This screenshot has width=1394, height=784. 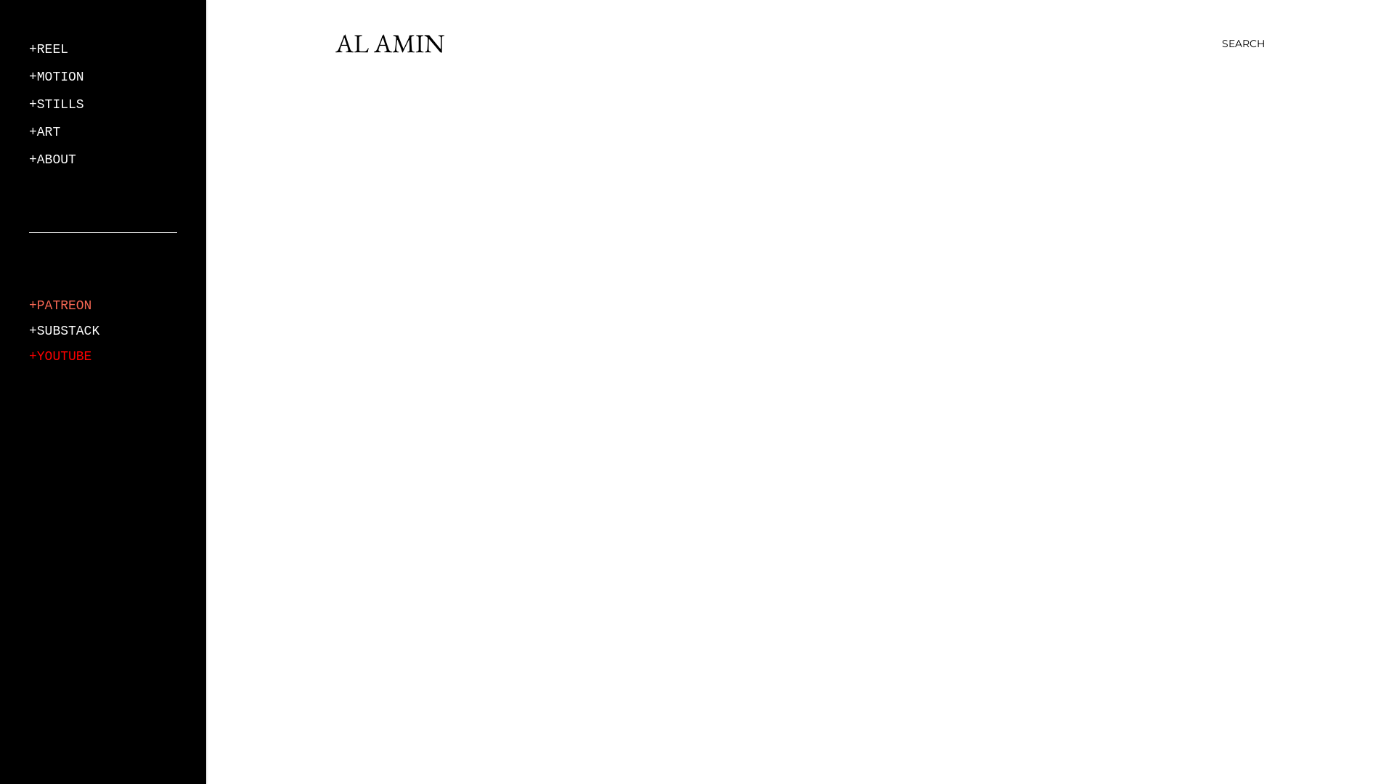 What do you see at coordinates (1221, 43) in the screenshot?
I see `'SEARCH'` at bounding box center [1221, 43].